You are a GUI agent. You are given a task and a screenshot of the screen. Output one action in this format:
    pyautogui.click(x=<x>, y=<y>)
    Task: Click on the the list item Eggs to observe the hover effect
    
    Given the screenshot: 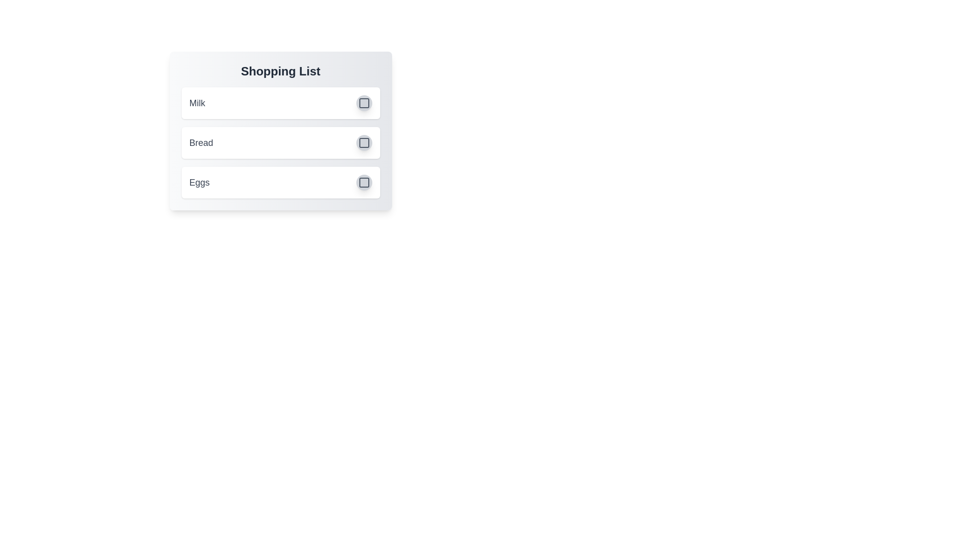 What is the action you would take?
    pyautogui.click(x=280, y=182)
    